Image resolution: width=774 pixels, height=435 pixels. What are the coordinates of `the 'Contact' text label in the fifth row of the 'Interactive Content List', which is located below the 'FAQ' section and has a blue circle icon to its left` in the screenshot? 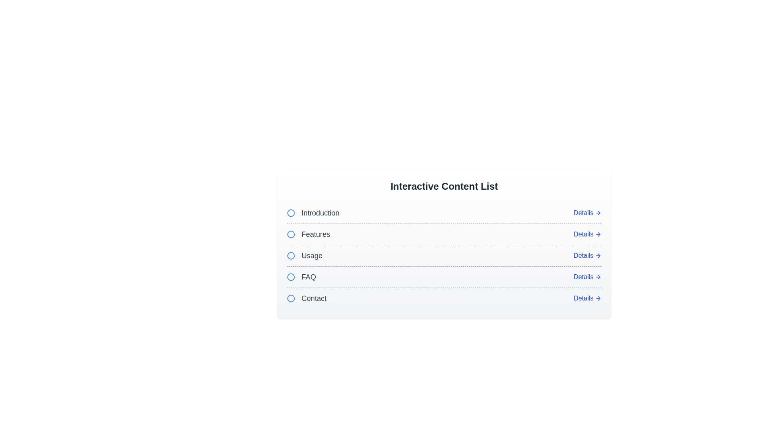 It's located at (306, 298).